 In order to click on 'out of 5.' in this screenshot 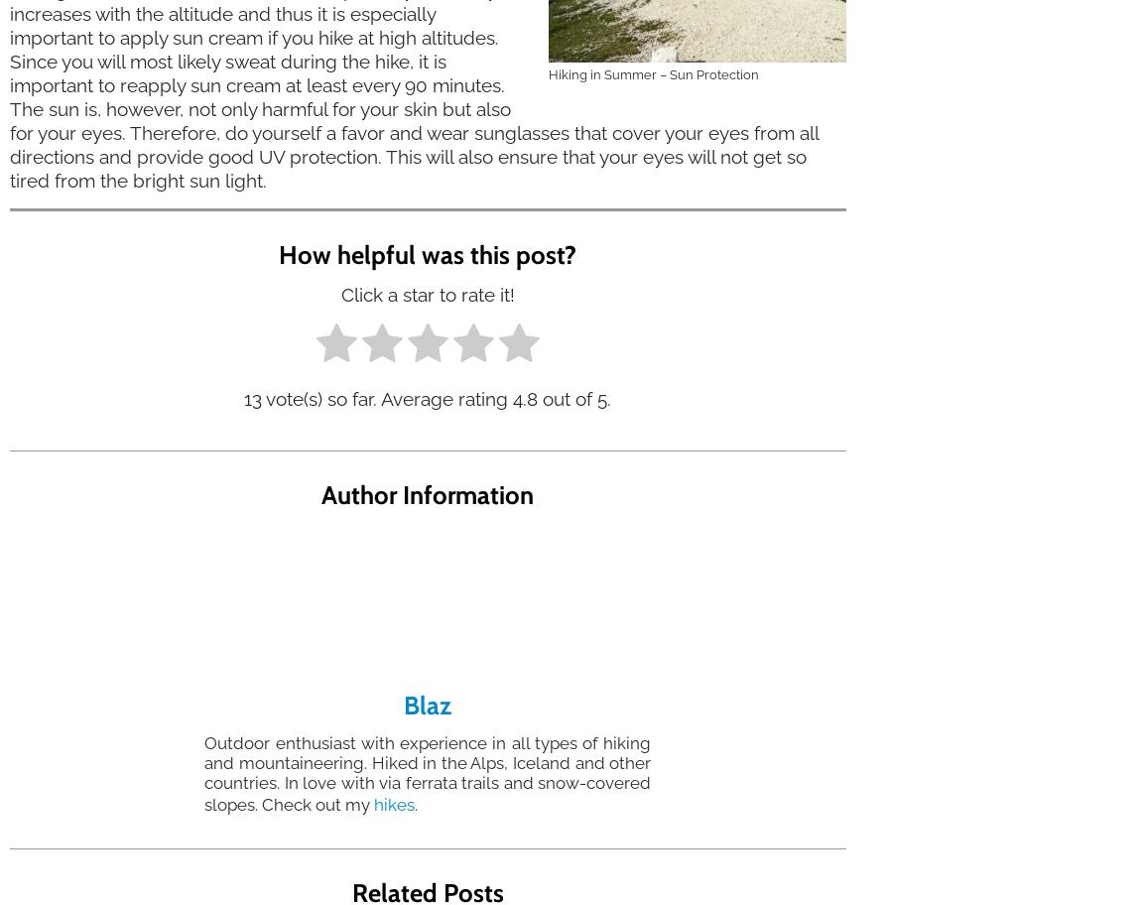, I will do `click(573, 398)`.